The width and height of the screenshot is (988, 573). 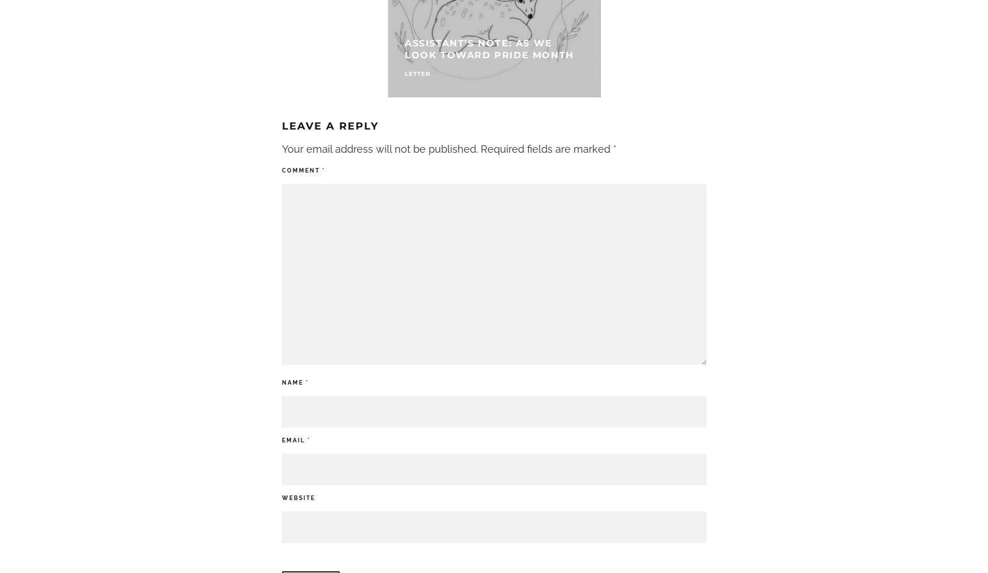 I want to click on 'Comment', so click(x=281, y=169).